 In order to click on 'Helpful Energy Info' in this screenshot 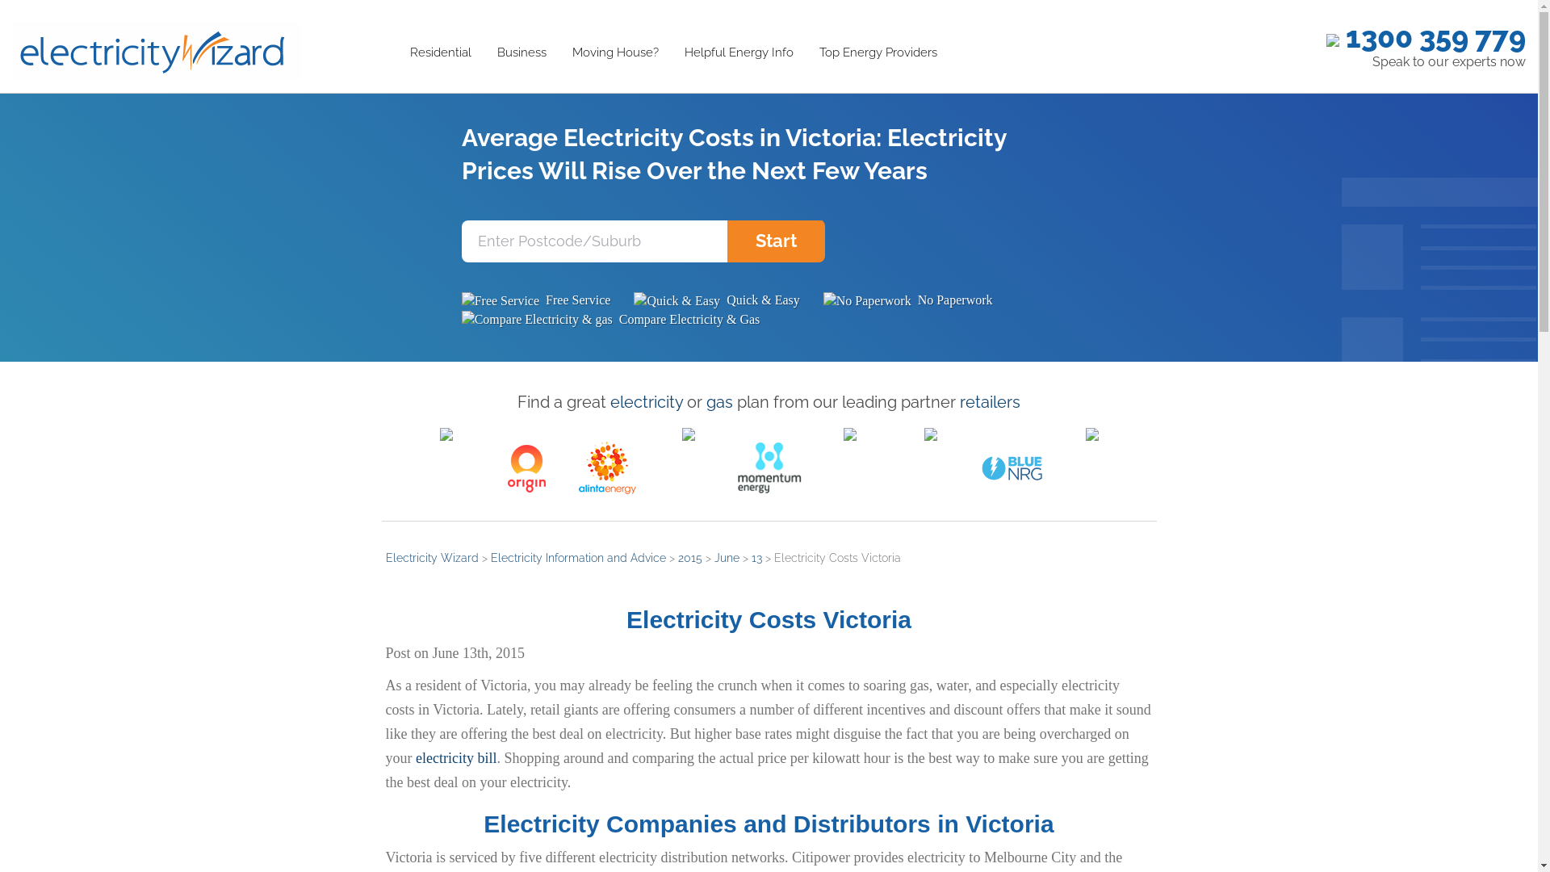, I will do `click(738, 52)`.